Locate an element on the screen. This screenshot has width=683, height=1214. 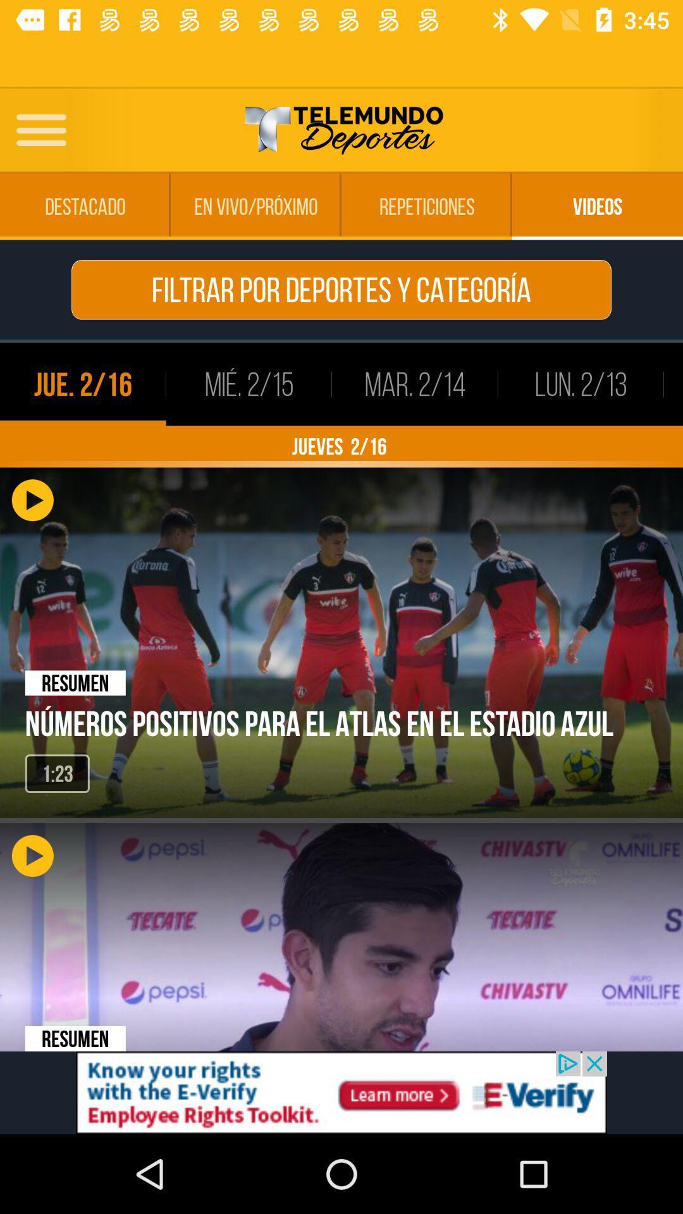
the fourth option from the first row is located at coordinates (598, 207).